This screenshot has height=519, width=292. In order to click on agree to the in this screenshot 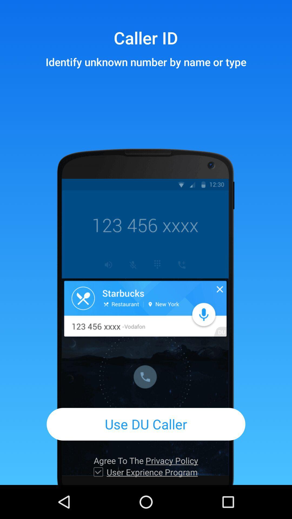, I will do `click(145, 460)`.